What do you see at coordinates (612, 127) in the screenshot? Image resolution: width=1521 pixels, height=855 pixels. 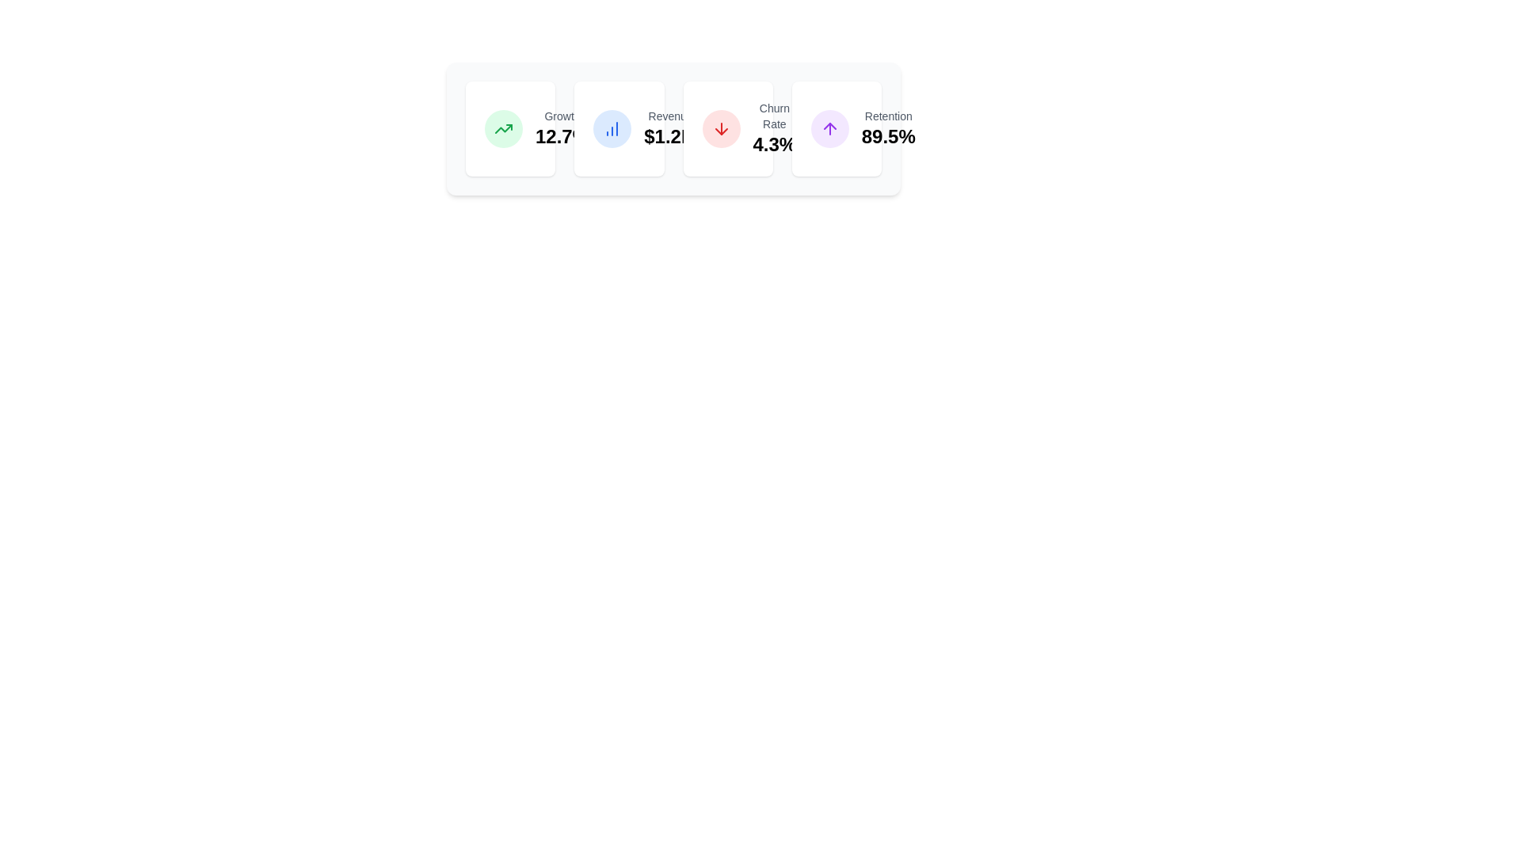 I see `the circular icon with a blue background containing a column chart icon, located to the left of the text '$1.2M' in the second card displaying 'Revenue'` at bounding box center [612, 127].